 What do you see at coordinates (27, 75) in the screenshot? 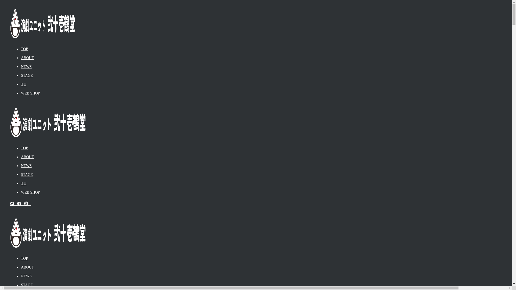
I see `'STAGE'` at bounding box center [27, 75].